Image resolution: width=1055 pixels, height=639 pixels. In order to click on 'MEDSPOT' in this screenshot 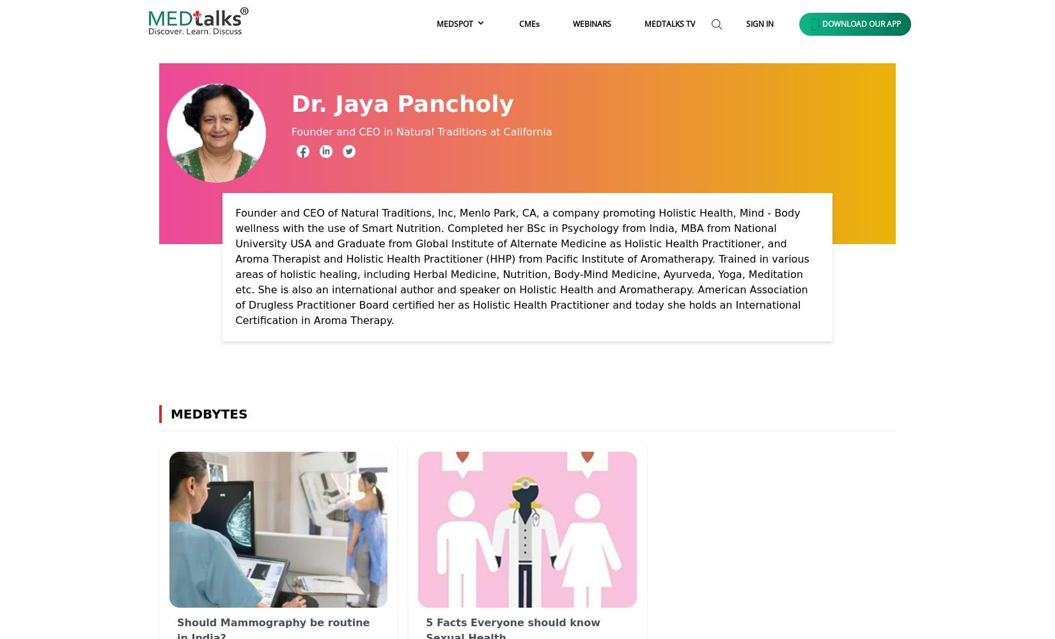, I will do `click(454, 23)`.